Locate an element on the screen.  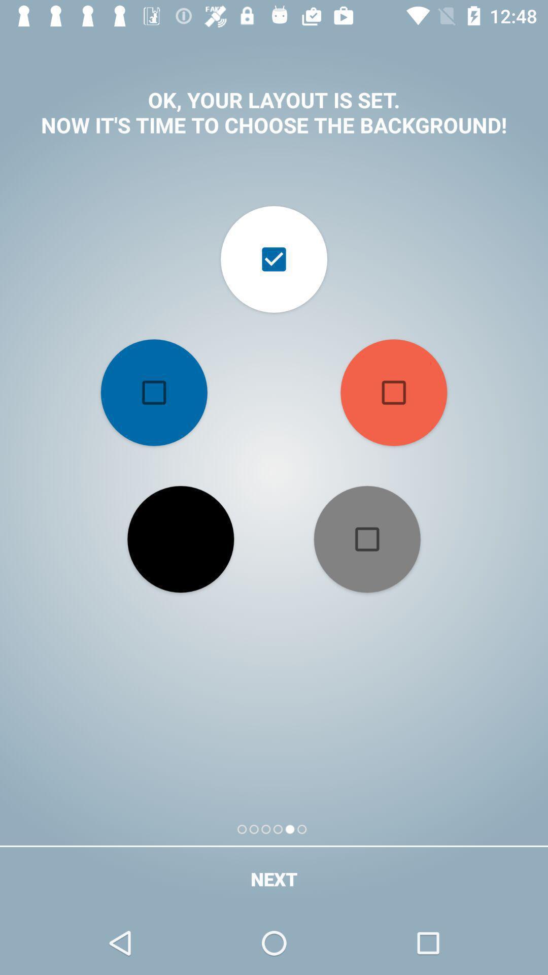
the item below ok your layout icon is located at coordinates (154, 392).